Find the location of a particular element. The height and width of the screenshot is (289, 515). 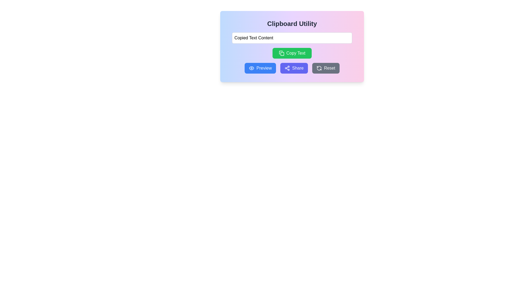

the 'Reset' button text label, which is displayed in white color on a dark gray rounded rectangular button is located at coordinates (329, 68).